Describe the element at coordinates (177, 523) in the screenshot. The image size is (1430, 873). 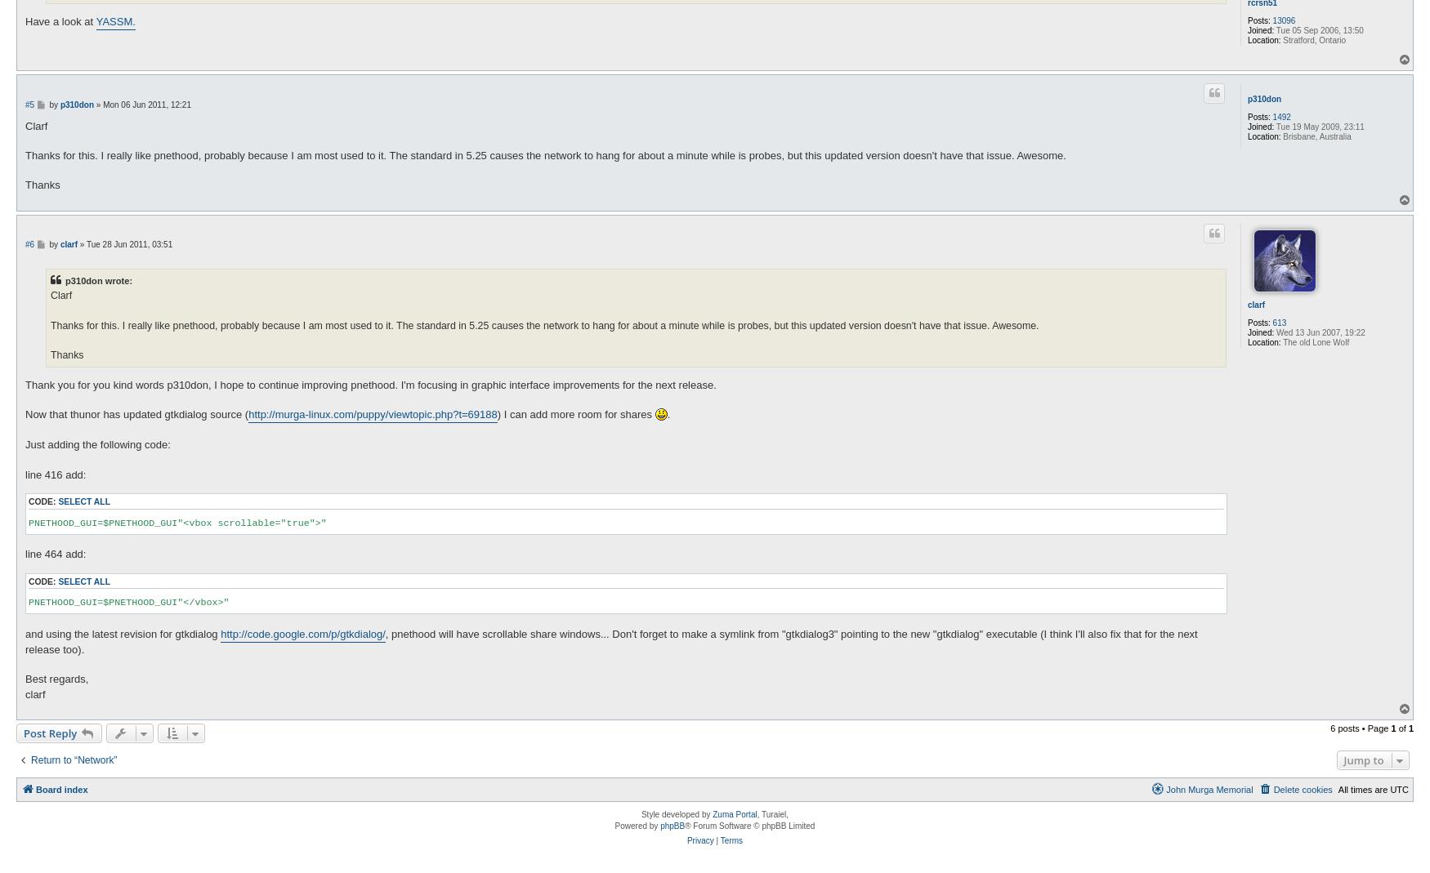
I see `'PNETHOOD_GUI=$PNETHOOD_GUI"<vbox scrollable="true">"'` at that location.